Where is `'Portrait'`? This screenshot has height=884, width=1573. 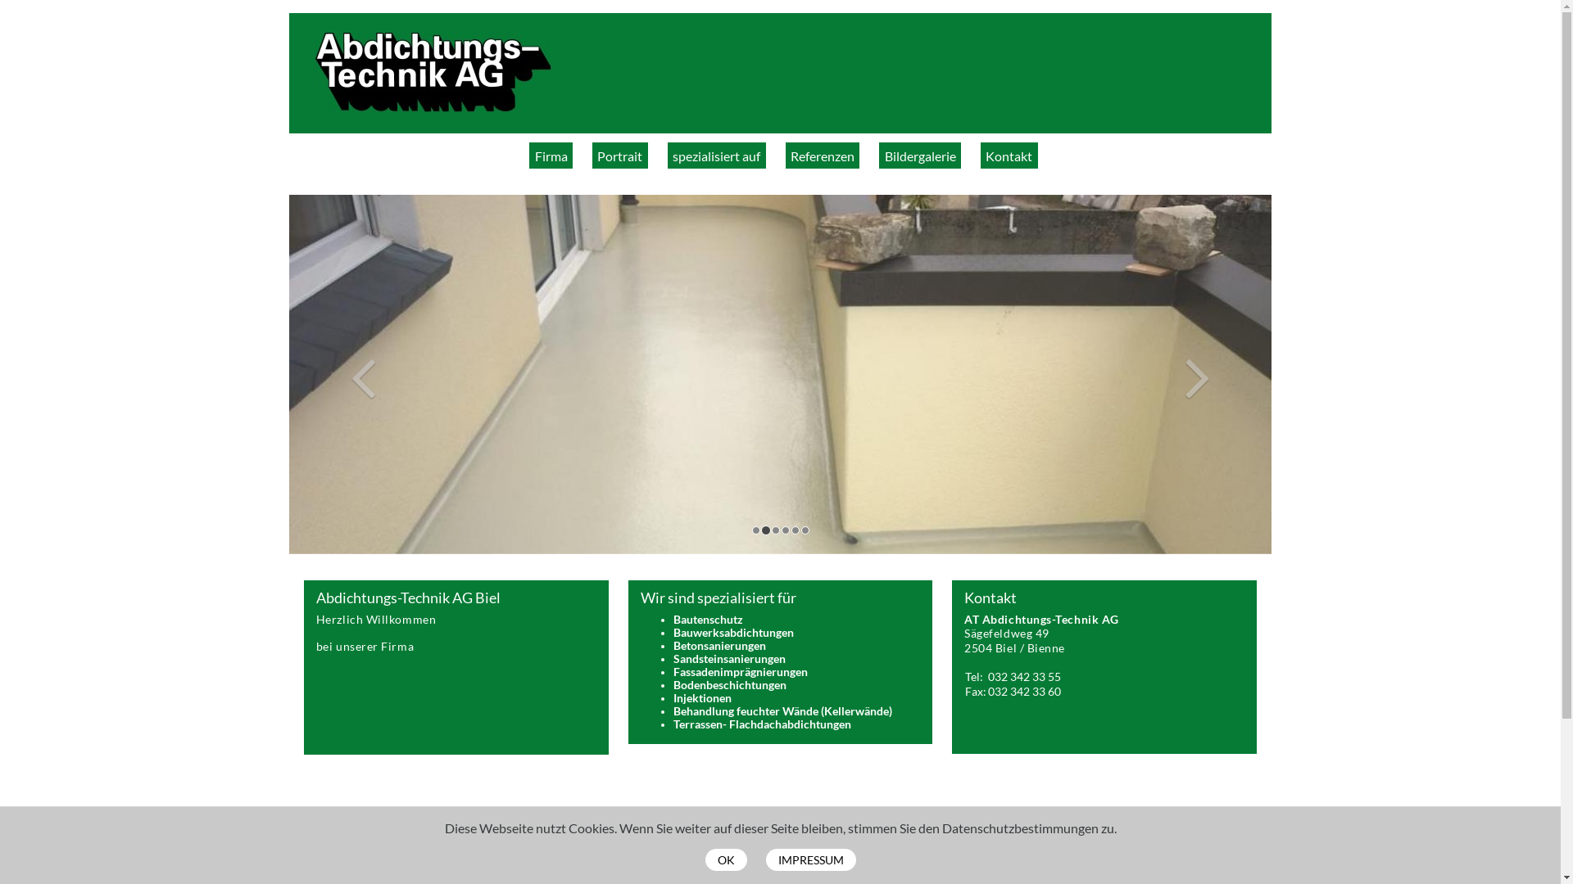 'Portrait' is located at coordinates (592, 155).